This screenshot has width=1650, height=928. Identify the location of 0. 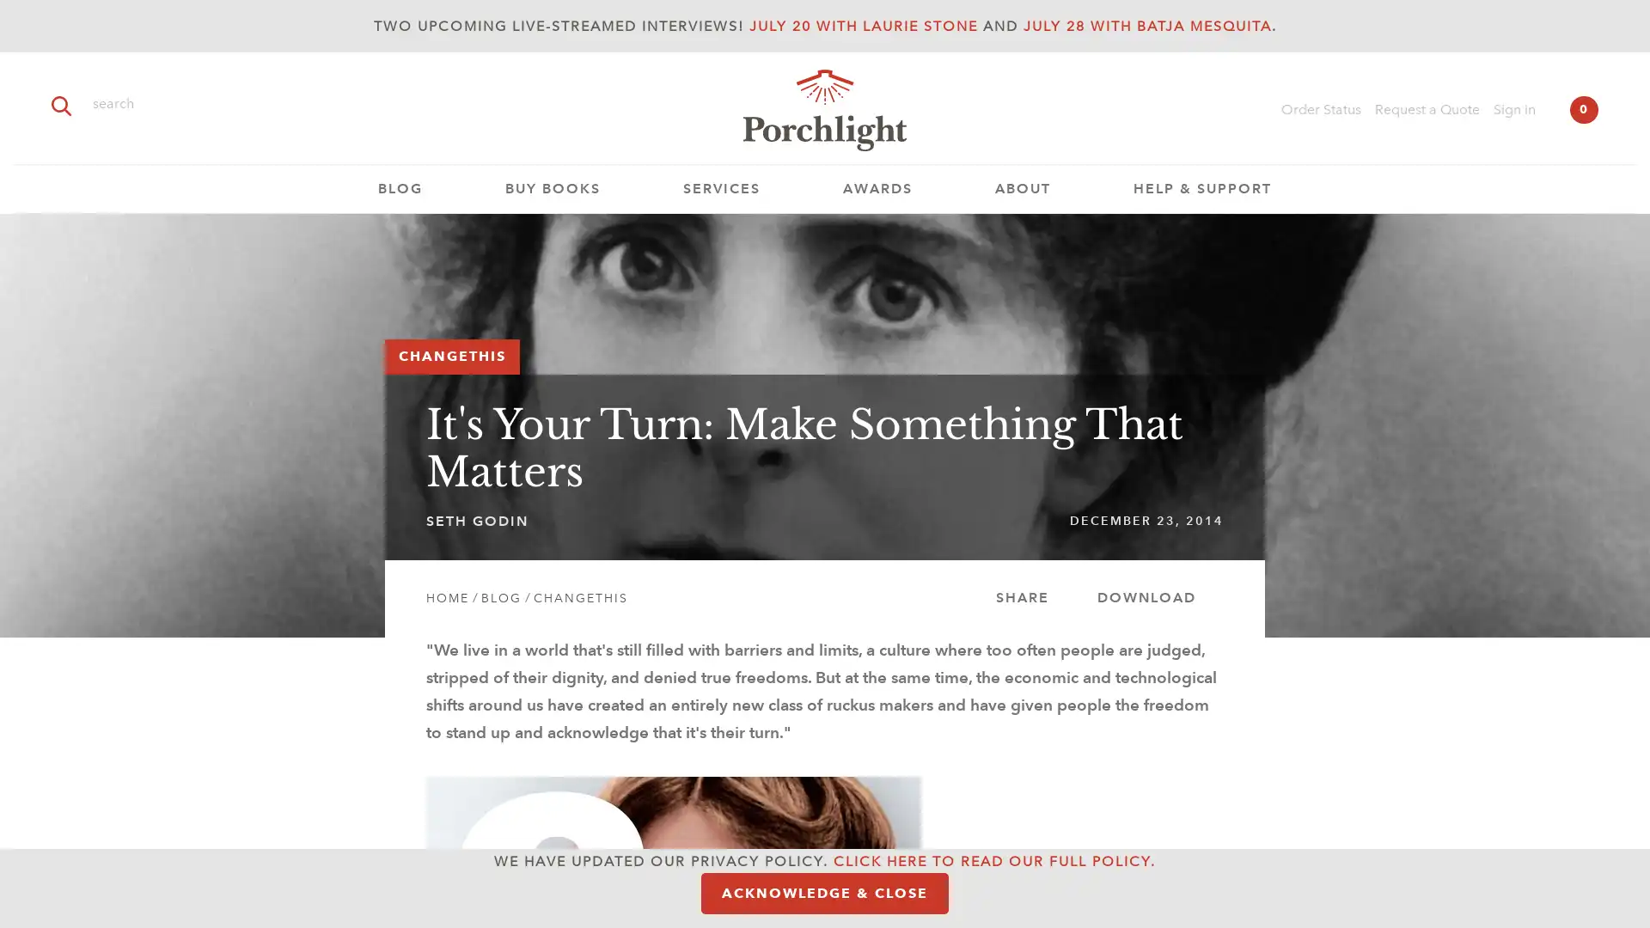
(1583, 109).